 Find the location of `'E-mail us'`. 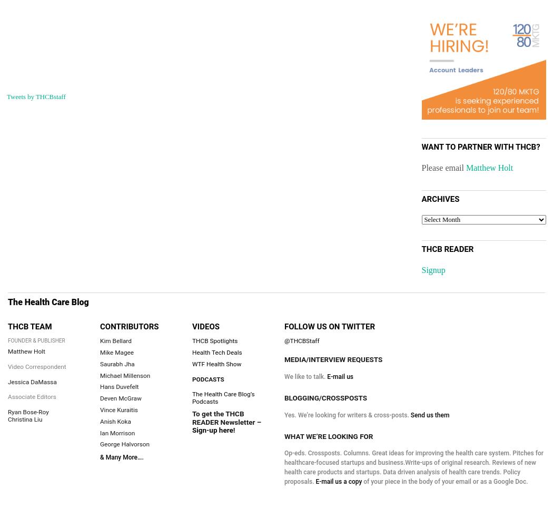

'E-mail us' is located at coordinates (325, 376).